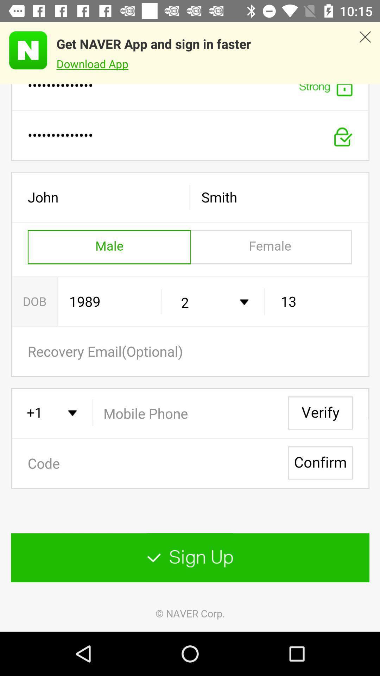  What do you see at coordinates (190, 358) in the screenshot?
I see `address page` at bounding box center [190, 358].